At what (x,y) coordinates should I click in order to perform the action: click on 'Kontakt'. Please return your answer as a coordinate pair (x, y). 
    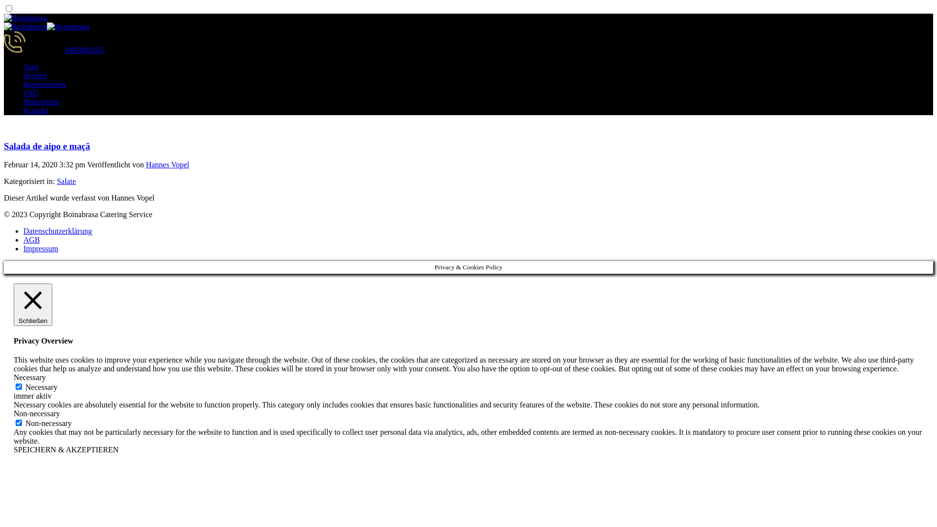
    Looking at the image, I should click on (23, 110).